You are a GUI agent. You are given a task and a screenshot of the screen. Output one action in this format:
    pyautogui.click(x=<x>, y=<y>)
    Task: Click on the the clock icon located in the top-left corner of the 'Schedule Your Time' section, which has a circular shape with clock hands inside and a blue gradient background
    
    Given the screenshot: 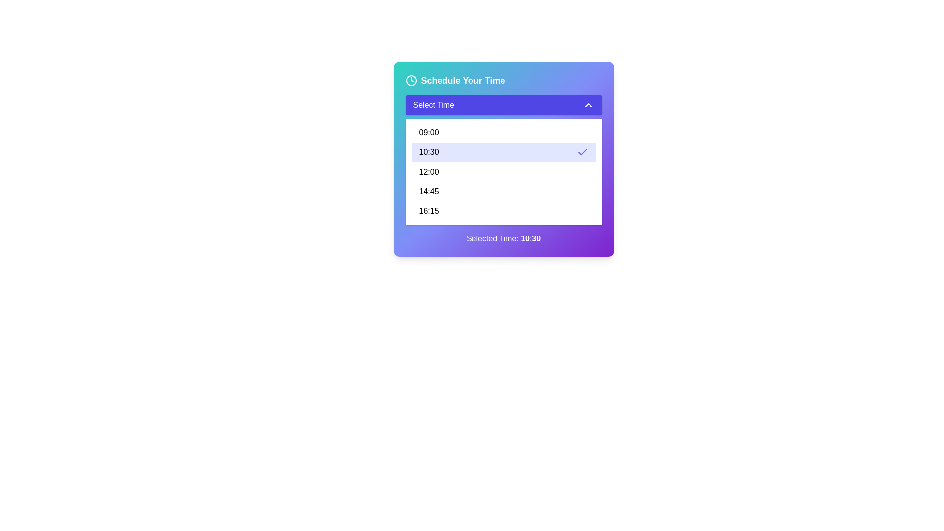 What is the action you would take?
    pyautogui.click(x=411, y=80)
    